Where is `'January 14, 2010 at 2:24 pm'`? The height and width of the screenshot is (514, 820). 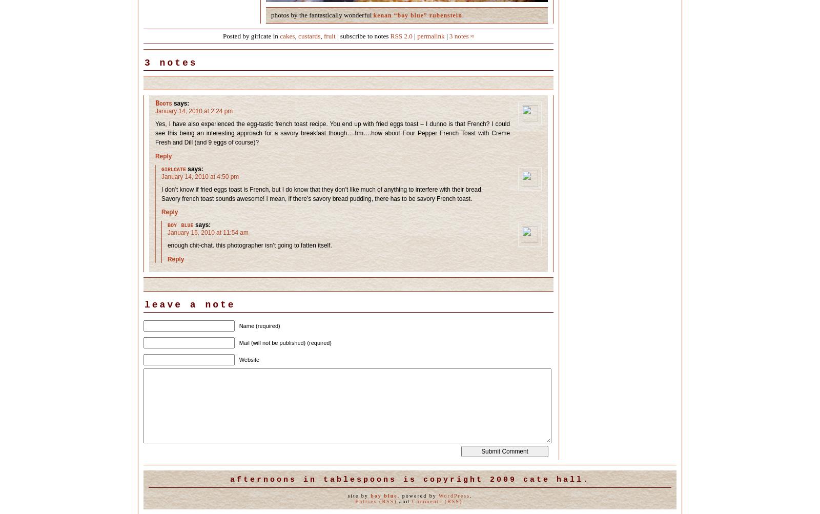
'January 14, 2010 at 2:24 pm' is located at coordinates (155, 111).